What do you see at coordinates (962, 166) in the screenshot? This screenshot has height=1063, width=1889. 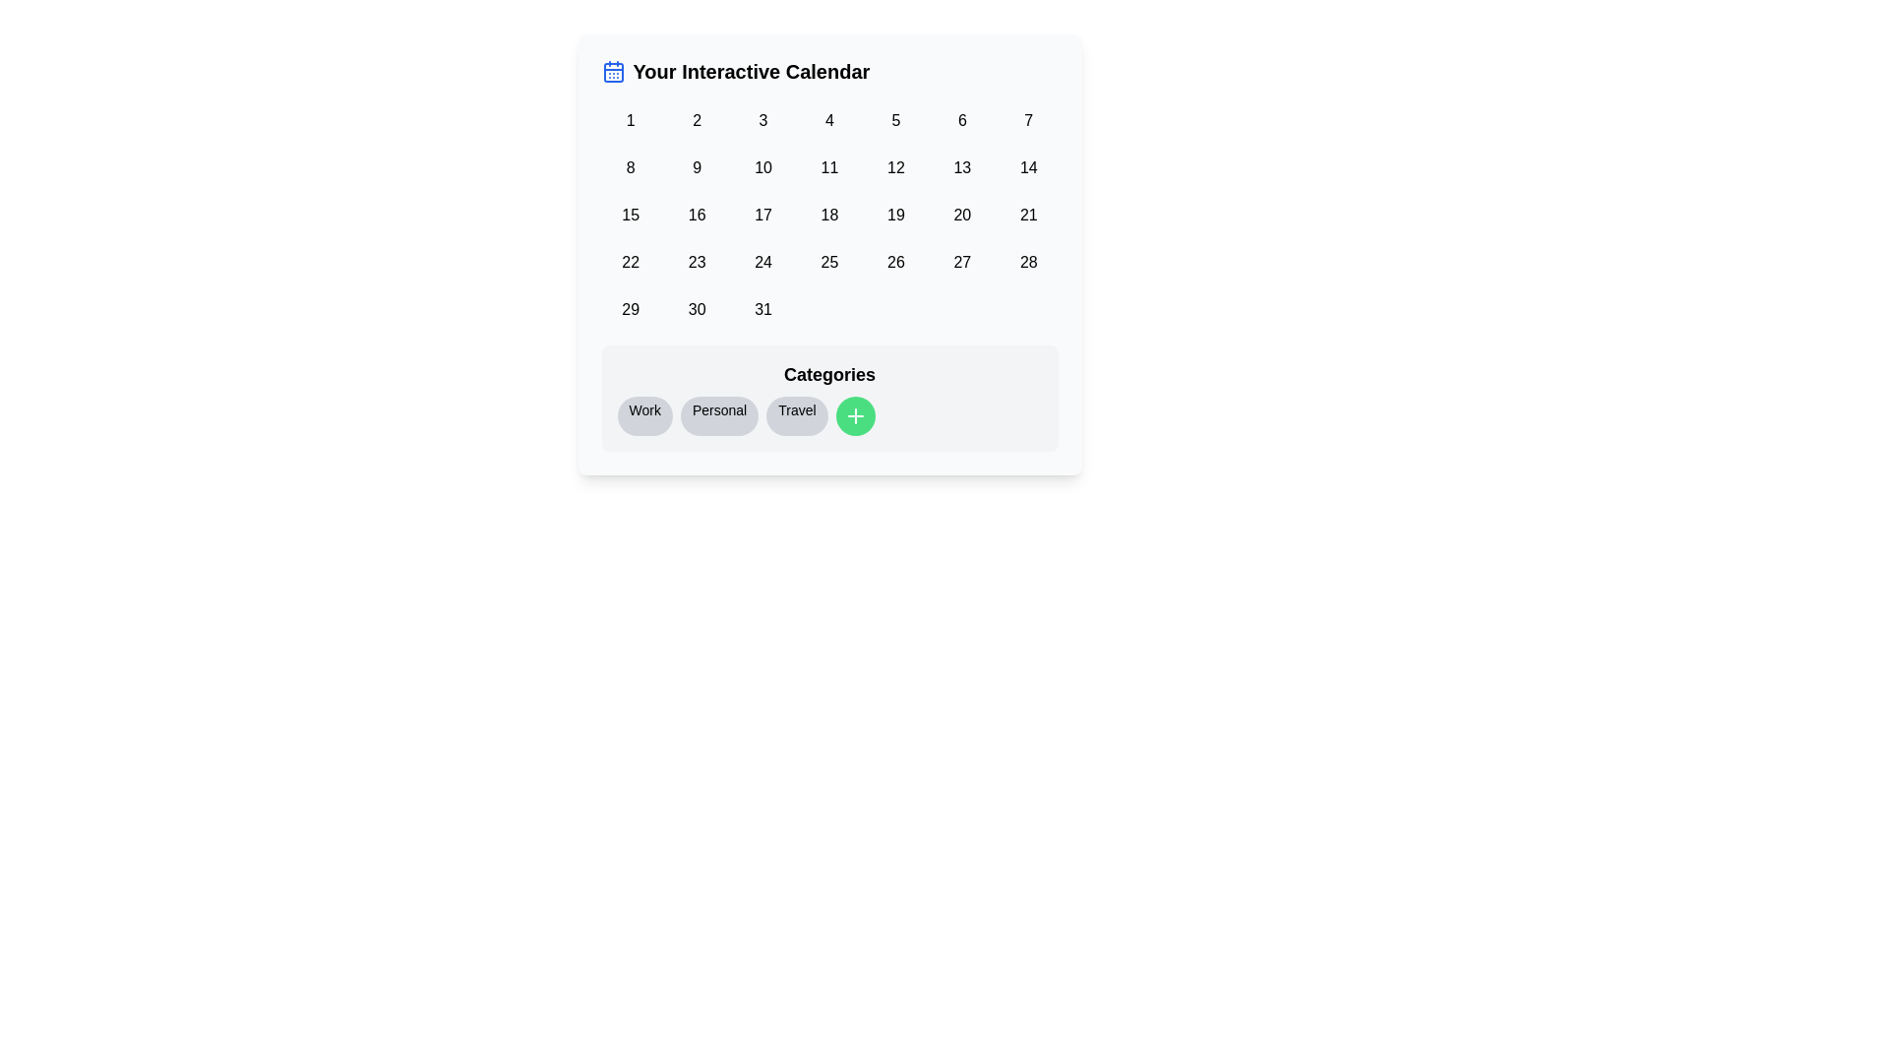 I see `the small rectangular button with rounded corners displaying the number '13'` at bounding box center [962, 166].